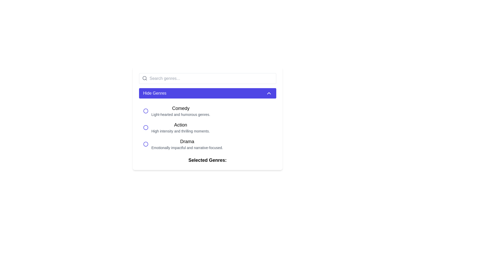 Image resolution: width=499 pixels, height=280 pixels. What do you see at coordinates (207, 144) in the screenshot?
I see `the text area of the selectable list item representing the 'Drama' genre` at bounding box center [207, 144].